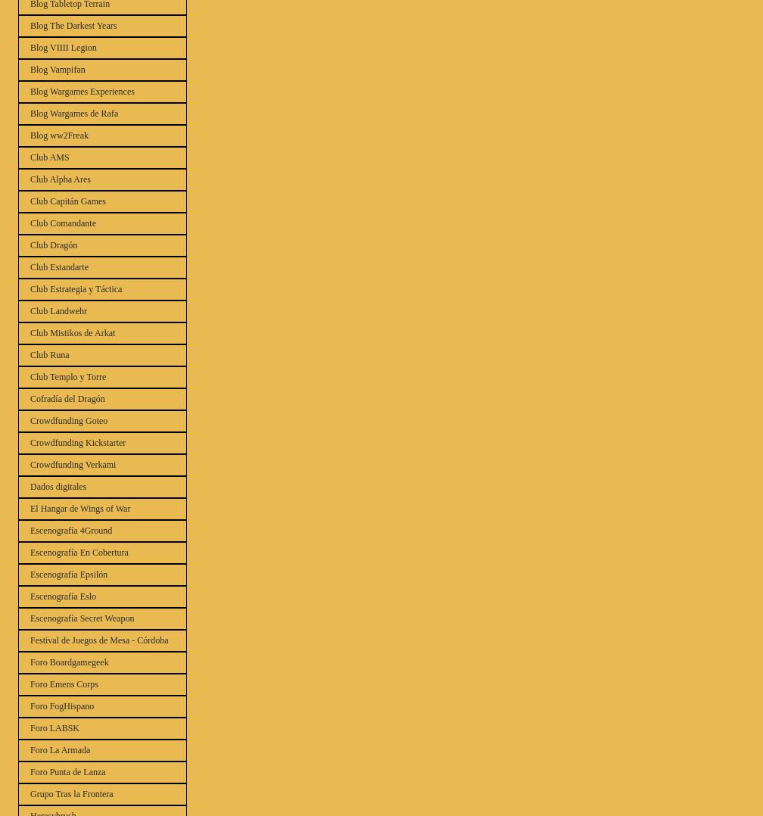  Describe the element at coordinates (62, 596) in the screenshot. I see `'Escenografía Eslo'` at that location.